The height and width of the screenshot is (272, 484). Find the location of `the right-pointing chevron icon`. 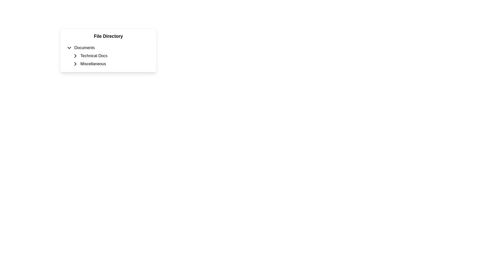

the right-pointing chevron icon is located at coordinates (75, 56).